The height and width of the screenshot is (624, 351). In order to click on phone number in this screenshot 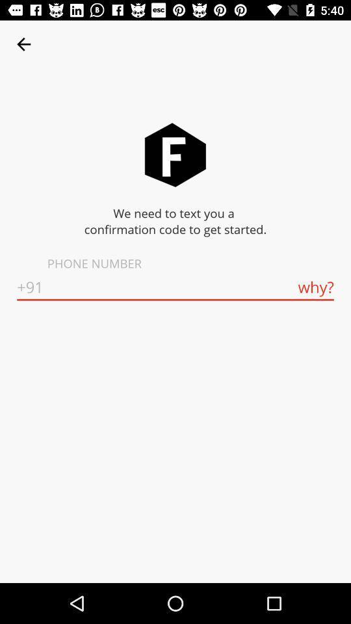, I will do `click(175, 287)`.